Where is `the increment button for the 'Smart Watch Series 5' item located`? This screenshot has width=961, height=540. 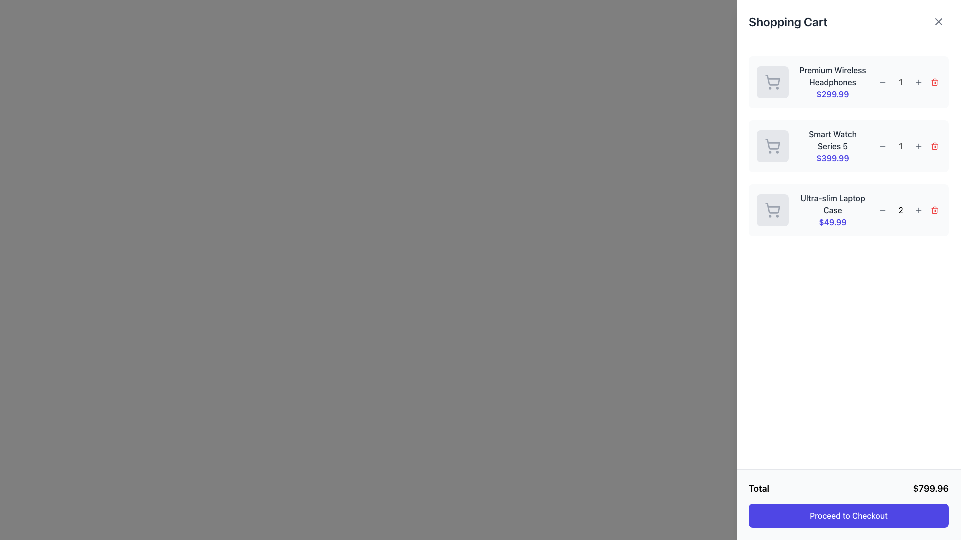 the increment button for the 'Smart Watch Series 5' item located is located at coordinates (919, 146).